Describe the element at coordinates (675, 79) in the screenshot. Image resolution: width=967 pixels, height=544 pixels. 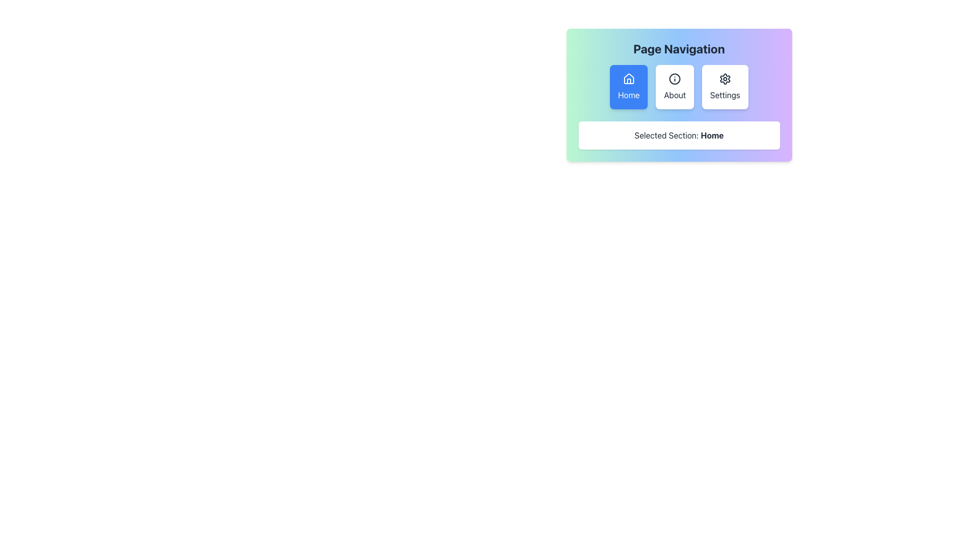
I see `the circular information icon located near the top-center of the 'About' section button in the navigation panel, which is outlined in black with a gray fill` at that location.